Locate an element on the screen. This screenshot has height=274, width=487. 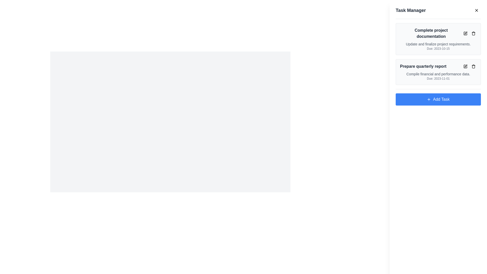
text displayed in the subtask details of the task card for 'Prepare quarterly report', which is located directly below the main title and above the due date is located at coordinates (438, 74).